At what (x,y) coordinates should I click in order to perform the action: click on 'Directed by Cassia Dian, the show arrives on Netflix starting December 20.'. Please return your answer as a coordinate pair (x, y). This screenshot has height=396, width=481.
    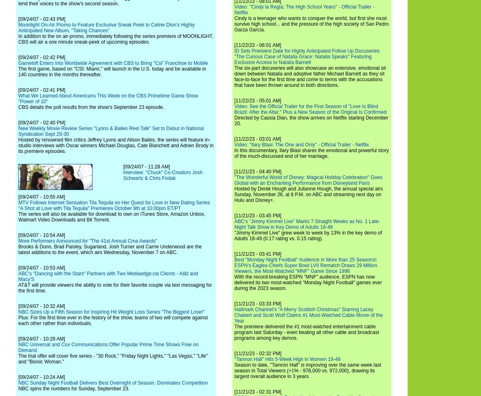
    Looking at the image, I should click on (234, 120).